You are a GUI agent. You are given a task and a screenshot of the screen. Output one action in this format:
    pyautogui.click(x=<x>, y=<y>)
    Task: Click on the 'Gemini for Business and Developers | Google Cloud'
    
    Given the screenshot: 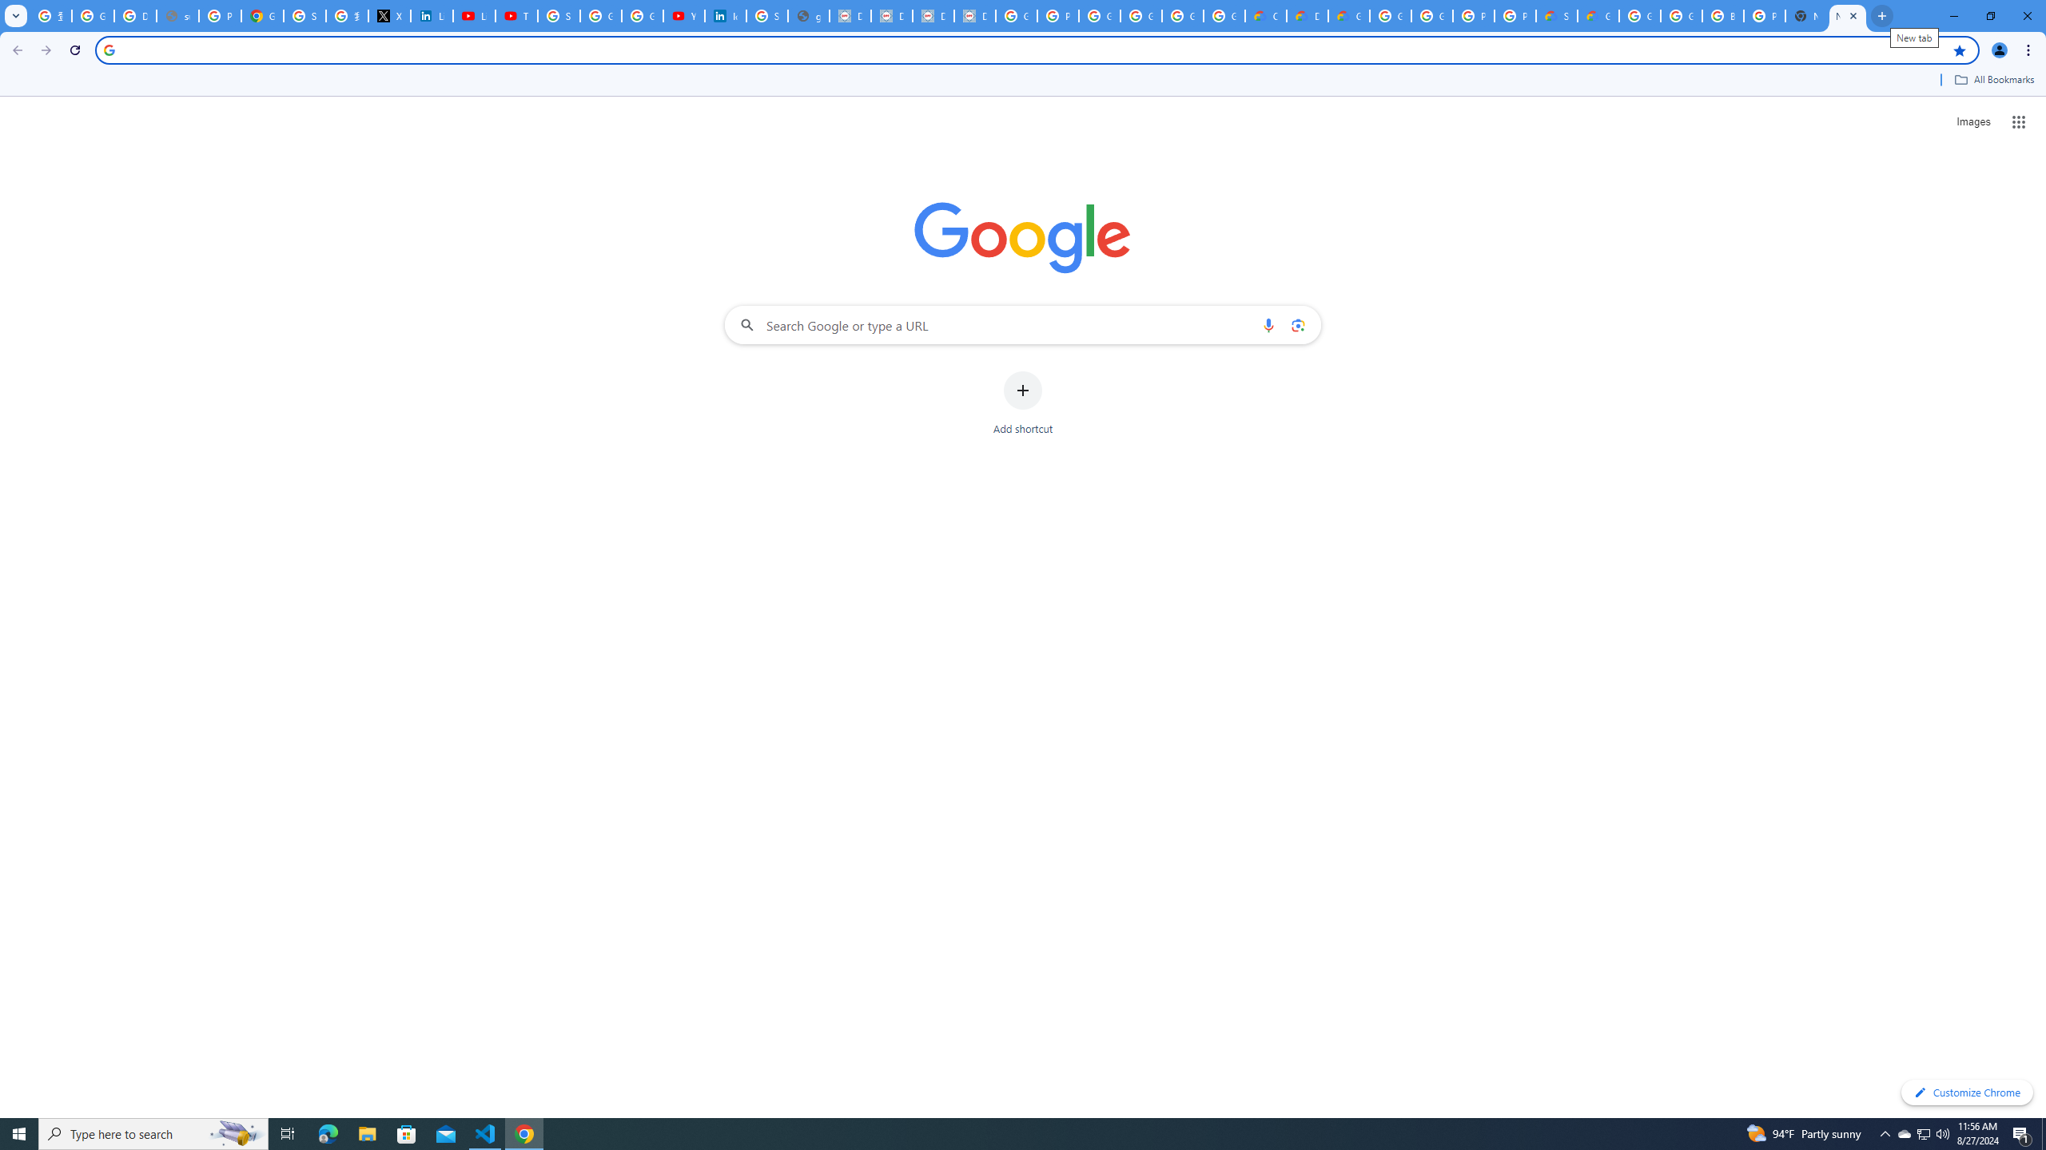 What is the action you would take?
    pyautogui.click(x=1348, y=15)
    